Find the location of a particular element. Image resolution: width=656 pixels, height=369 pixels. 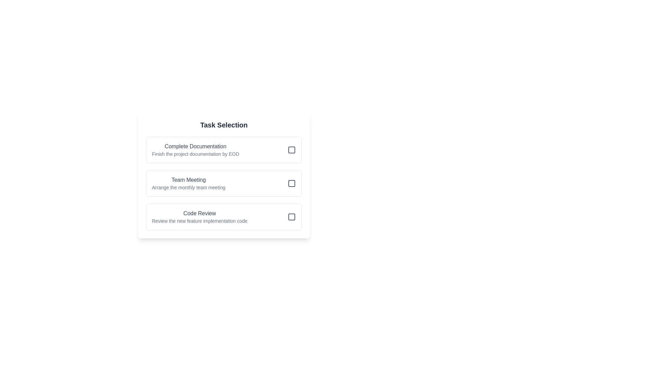

the small square-shaped clickable icon with a gray and blue color scheme located in the top-right corner of the 'Code Review' task card is located at coordinates (292, 217).